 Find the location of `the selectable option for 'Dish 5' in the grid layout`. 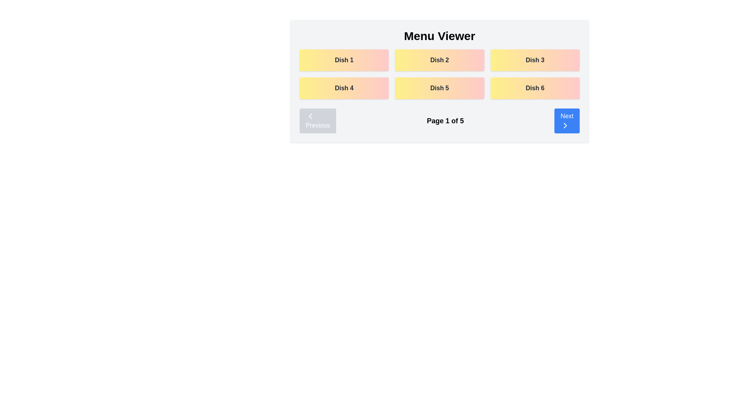

the selectable option for 'Dish 5' in the grid layout is located at coordinates (439, 81).